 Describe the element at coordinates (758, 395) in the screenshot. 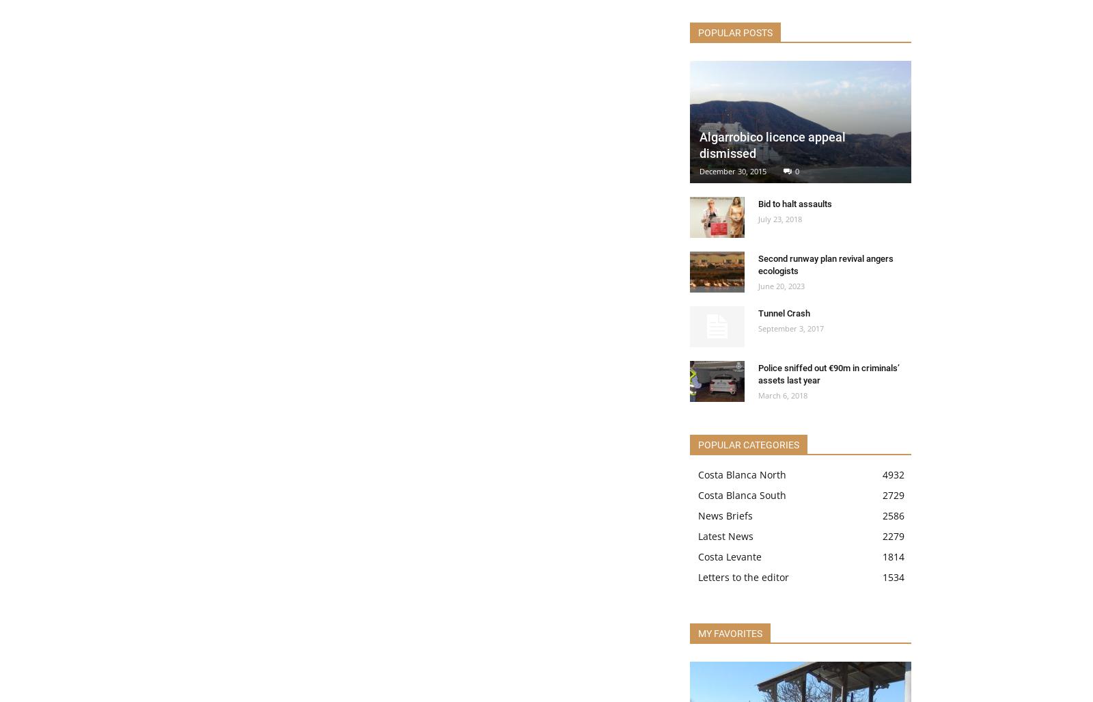

I see `'March 6, 2018'` at that location.